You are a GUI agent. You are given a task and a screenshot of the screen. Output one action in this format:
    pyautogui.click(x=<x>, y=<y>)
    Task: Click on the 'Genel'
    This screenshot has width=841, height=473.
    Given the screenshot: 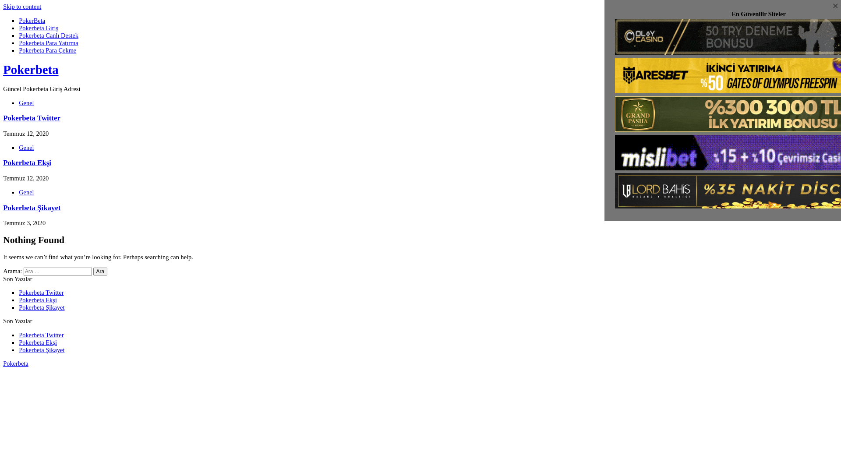 What is the action you would take?
    pyautogui.click(x=29, y=164)
    